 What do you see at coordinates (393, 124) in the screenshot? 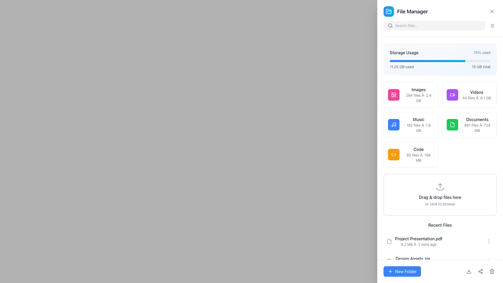
I see `the music icon, which is a square with a rounded border and a blue background featuring a white music note in the center, located in the 'Music' section under 'Storage Usage'` at bounding box center [393, 124].